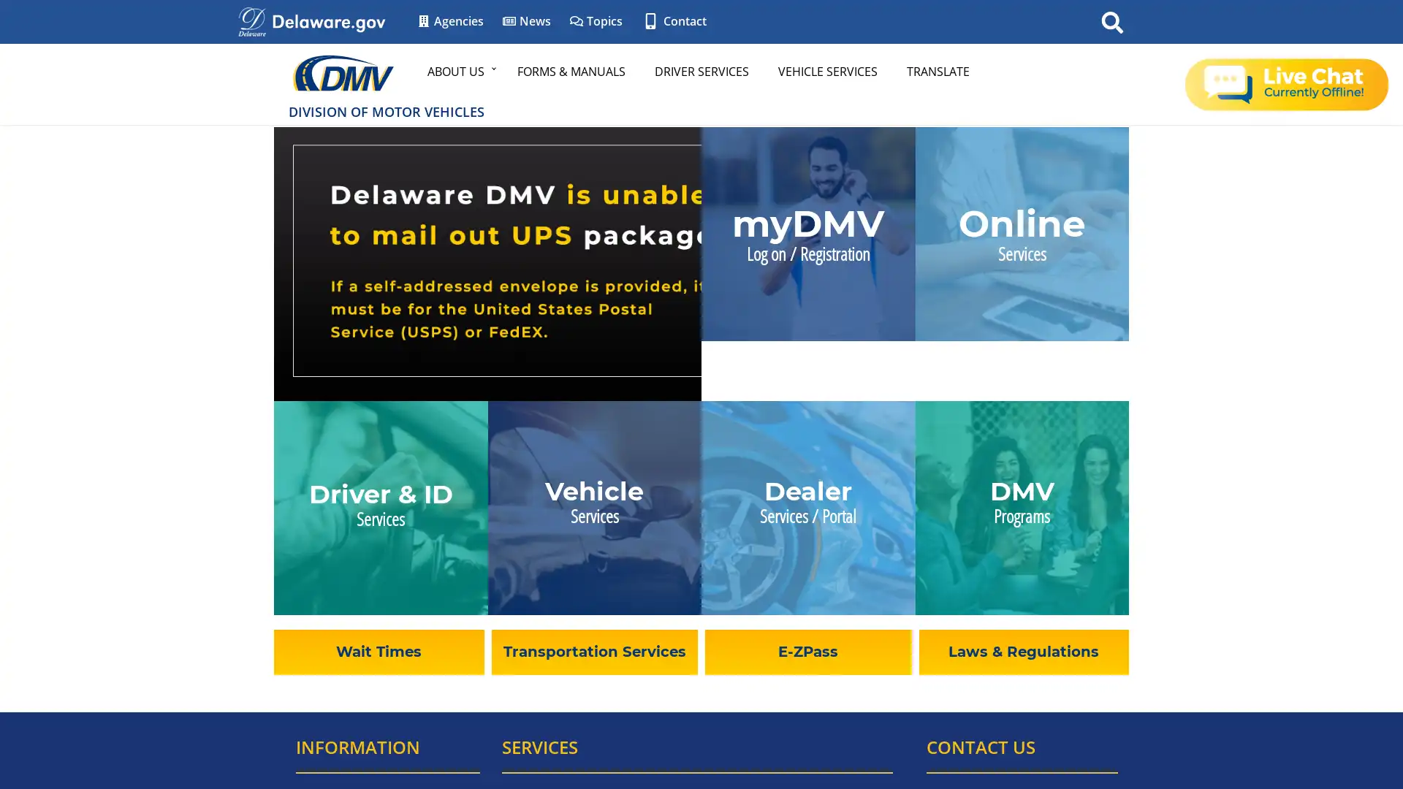 The height and width of the screenshot is (789, 1403). I want to click on Search, so click(1111, 21).